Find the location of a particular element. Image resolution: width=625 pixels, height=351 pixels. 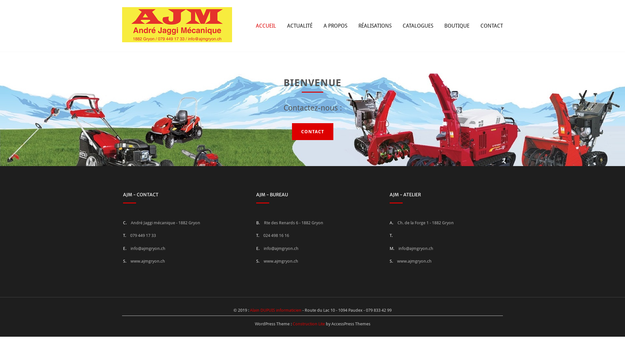

'CONTACT' is located at coordinates (492, 25).